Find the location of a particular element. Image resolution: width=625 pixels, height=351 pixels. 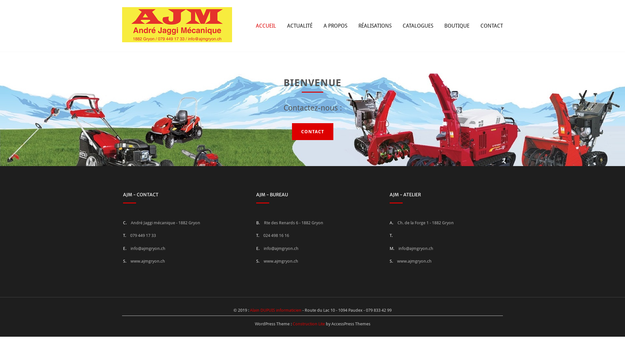

'CONTACT' is located at coordinates (492, 25).